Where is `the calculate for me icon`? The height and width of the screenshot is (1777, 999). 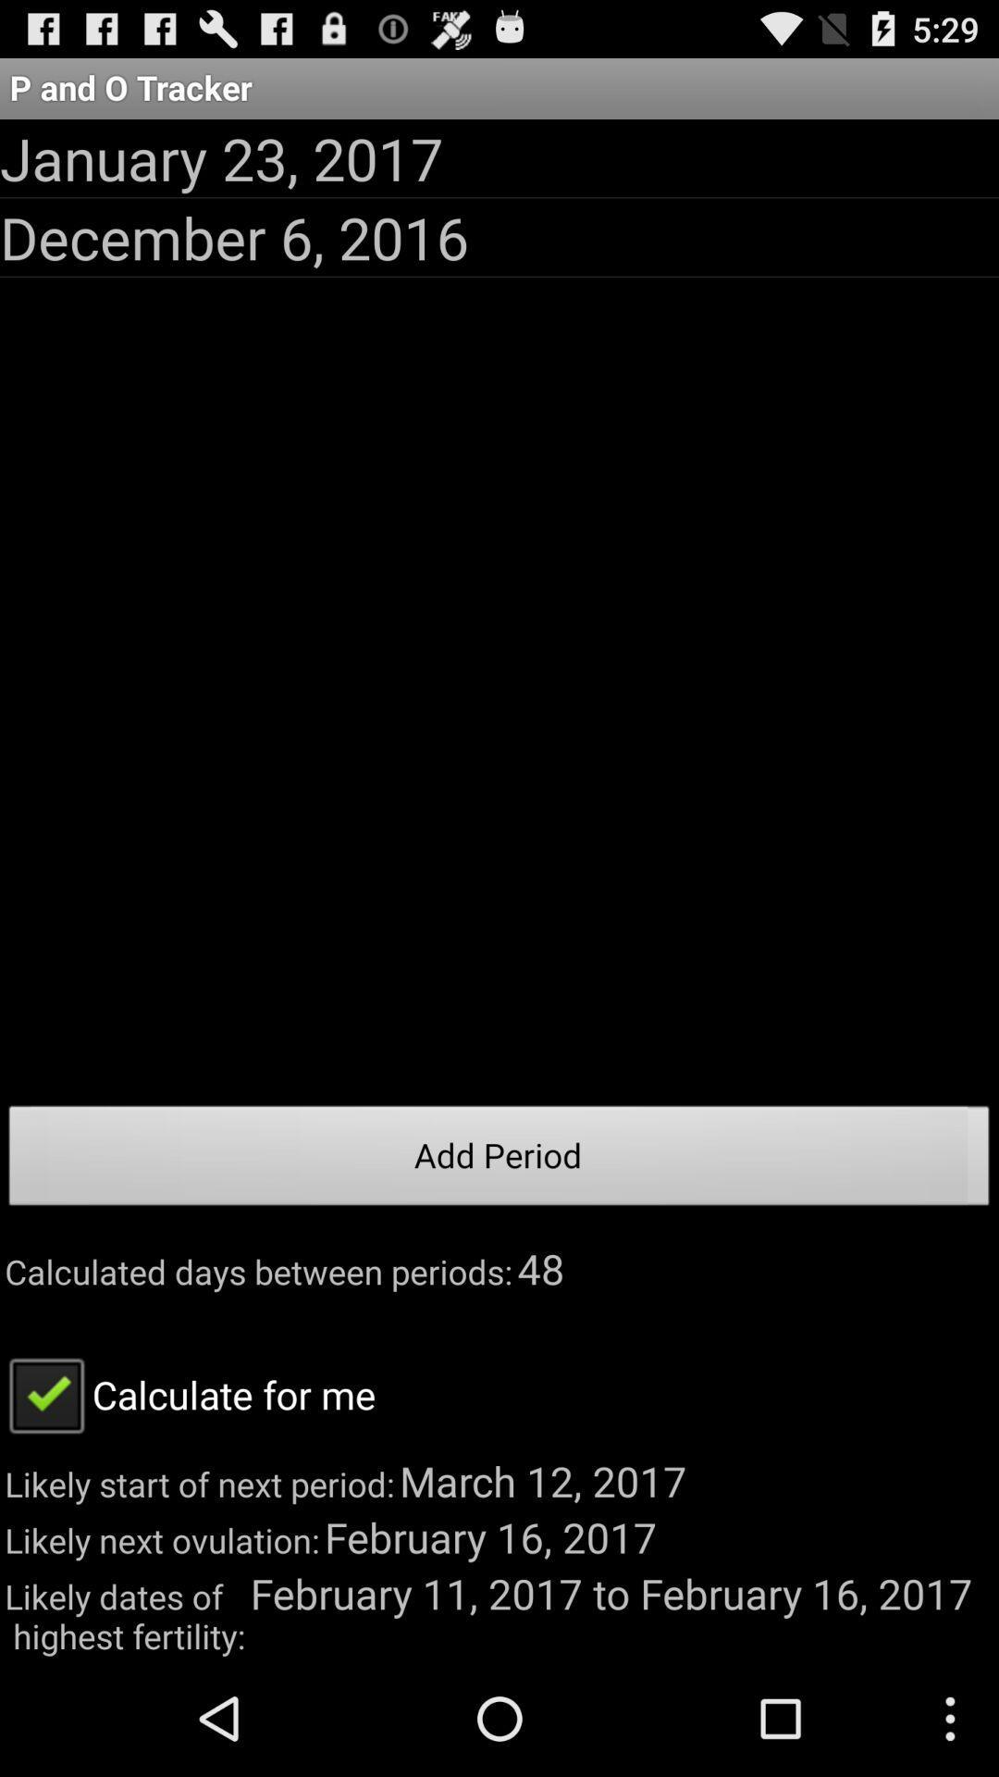
the calculate for me icon is located at coordinates (188, 1394).